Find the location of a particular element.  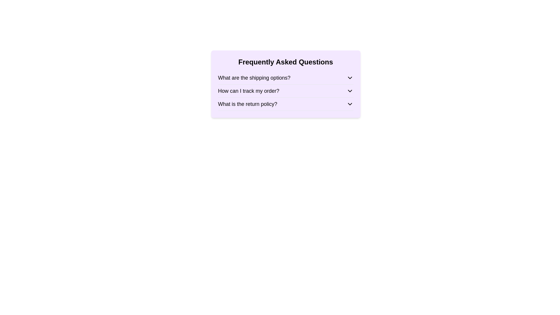

the header text element for the FAQ section, which provides context for the questions listed below it is located at coordinates (286, 62).